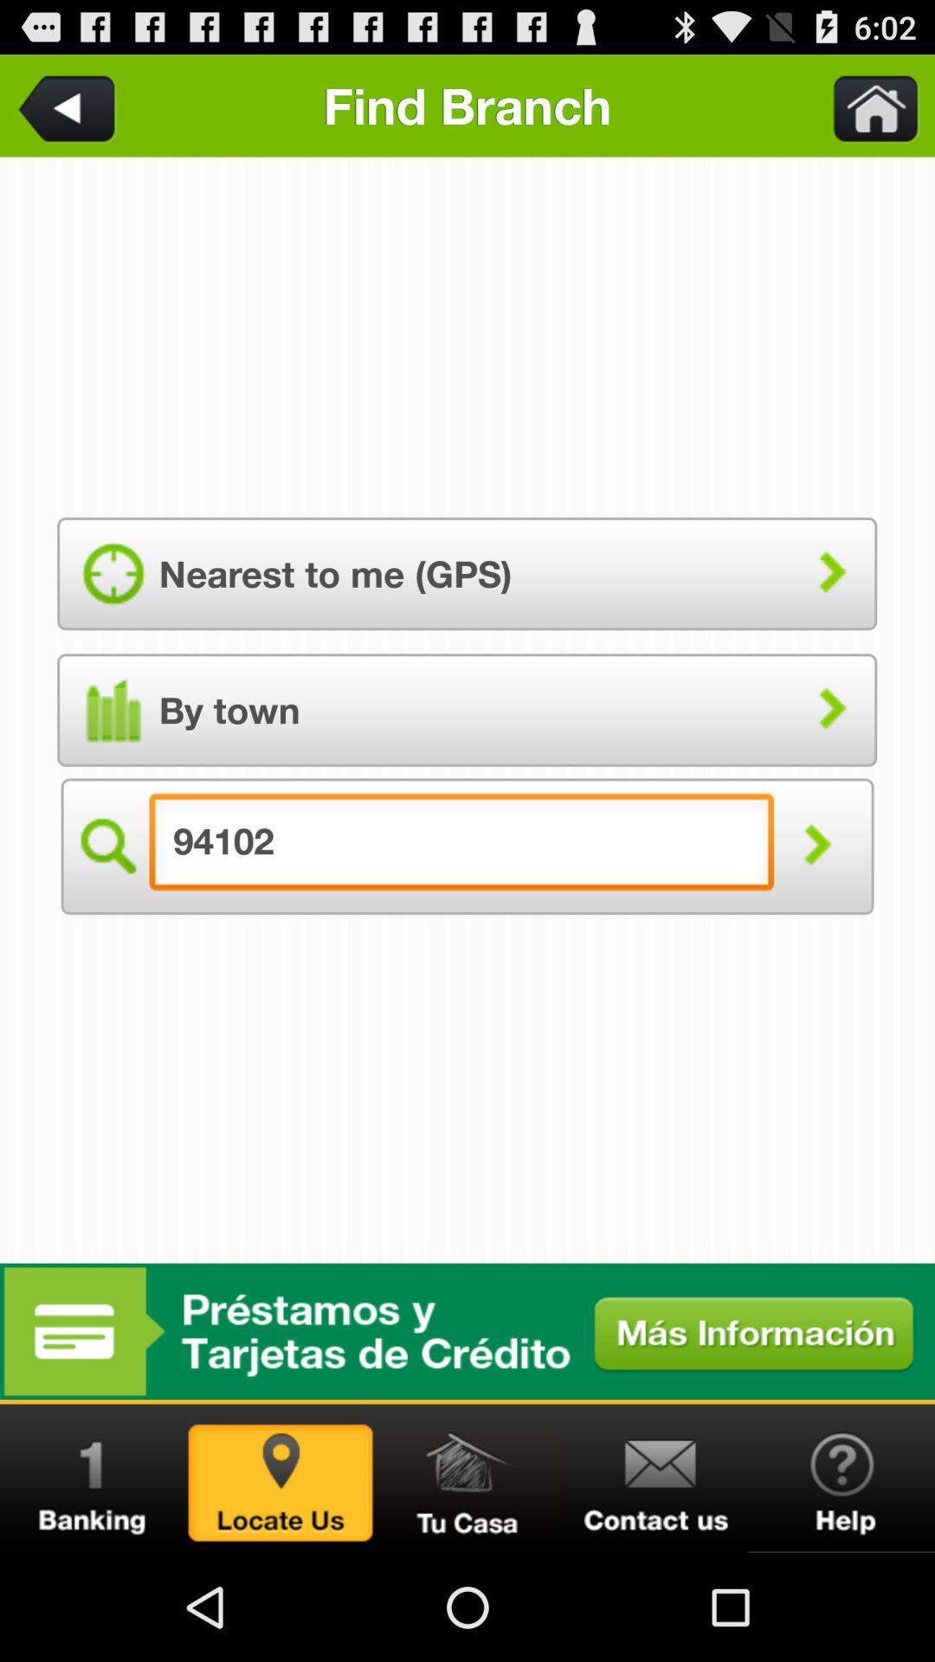 The height and width of the screenshot is (1662, 935). Describe the element at coordinates (654, 1582) in the screenshot. I see `the email icon` at that location.